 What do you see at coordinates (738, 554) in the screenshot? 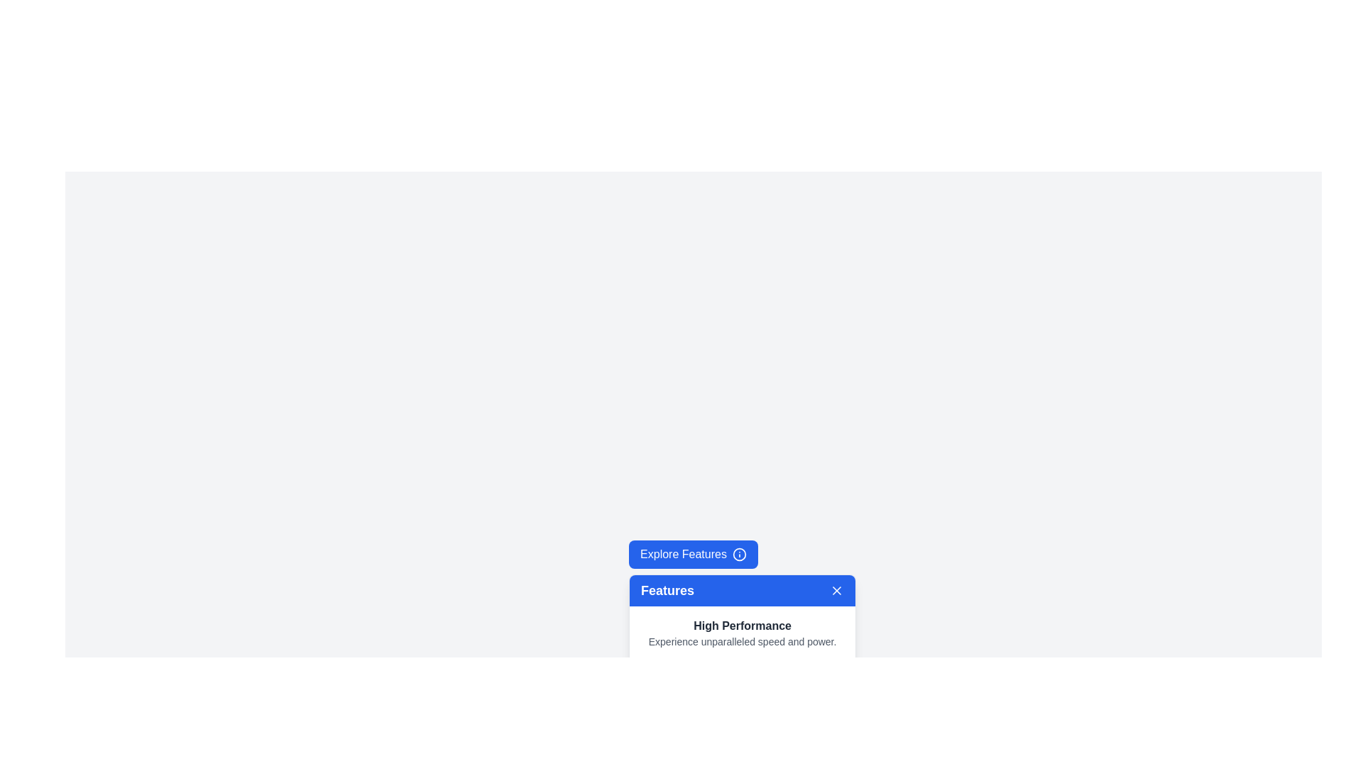
I see `the info icon located on the right side of the text label within the 'Explore Features' button at the top of the 'Features' section` at bounding box center [738, 554].